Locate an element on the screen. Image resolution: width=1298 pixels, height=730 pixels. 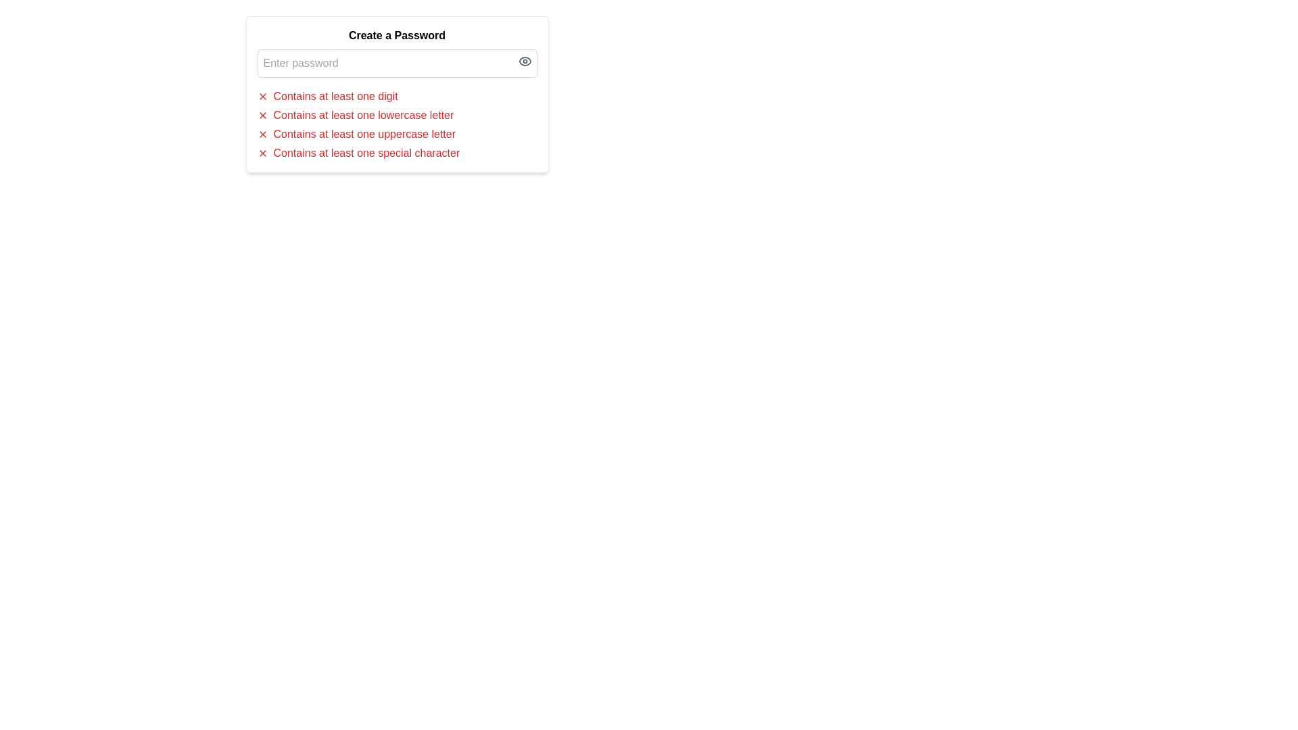
the feedback message indicating that the current input does not satisfy the requirement of containing at least one digit, which is the first item in the validation messages below the 'Create a Password' input field is located at coordinates (396, 95).